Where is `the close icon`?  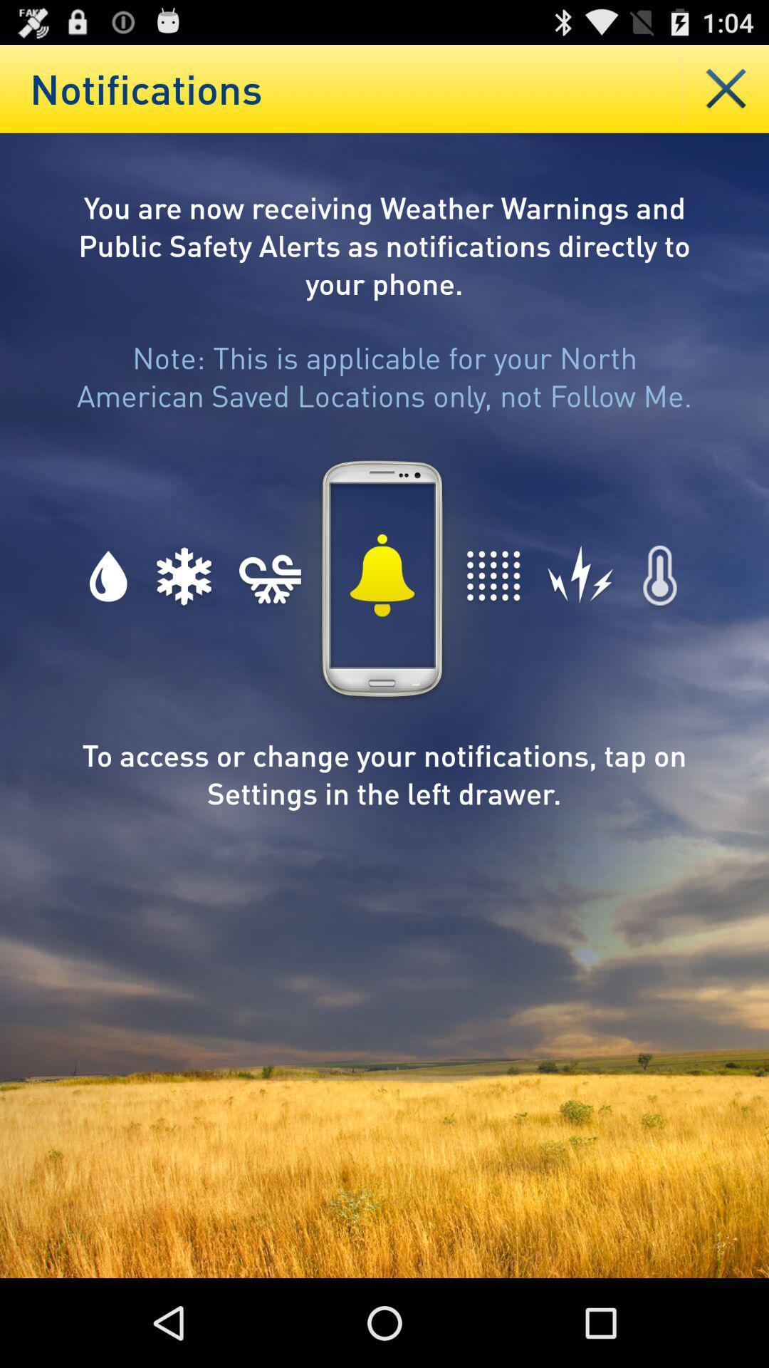 the close icon is located at coordinates (726, 94).